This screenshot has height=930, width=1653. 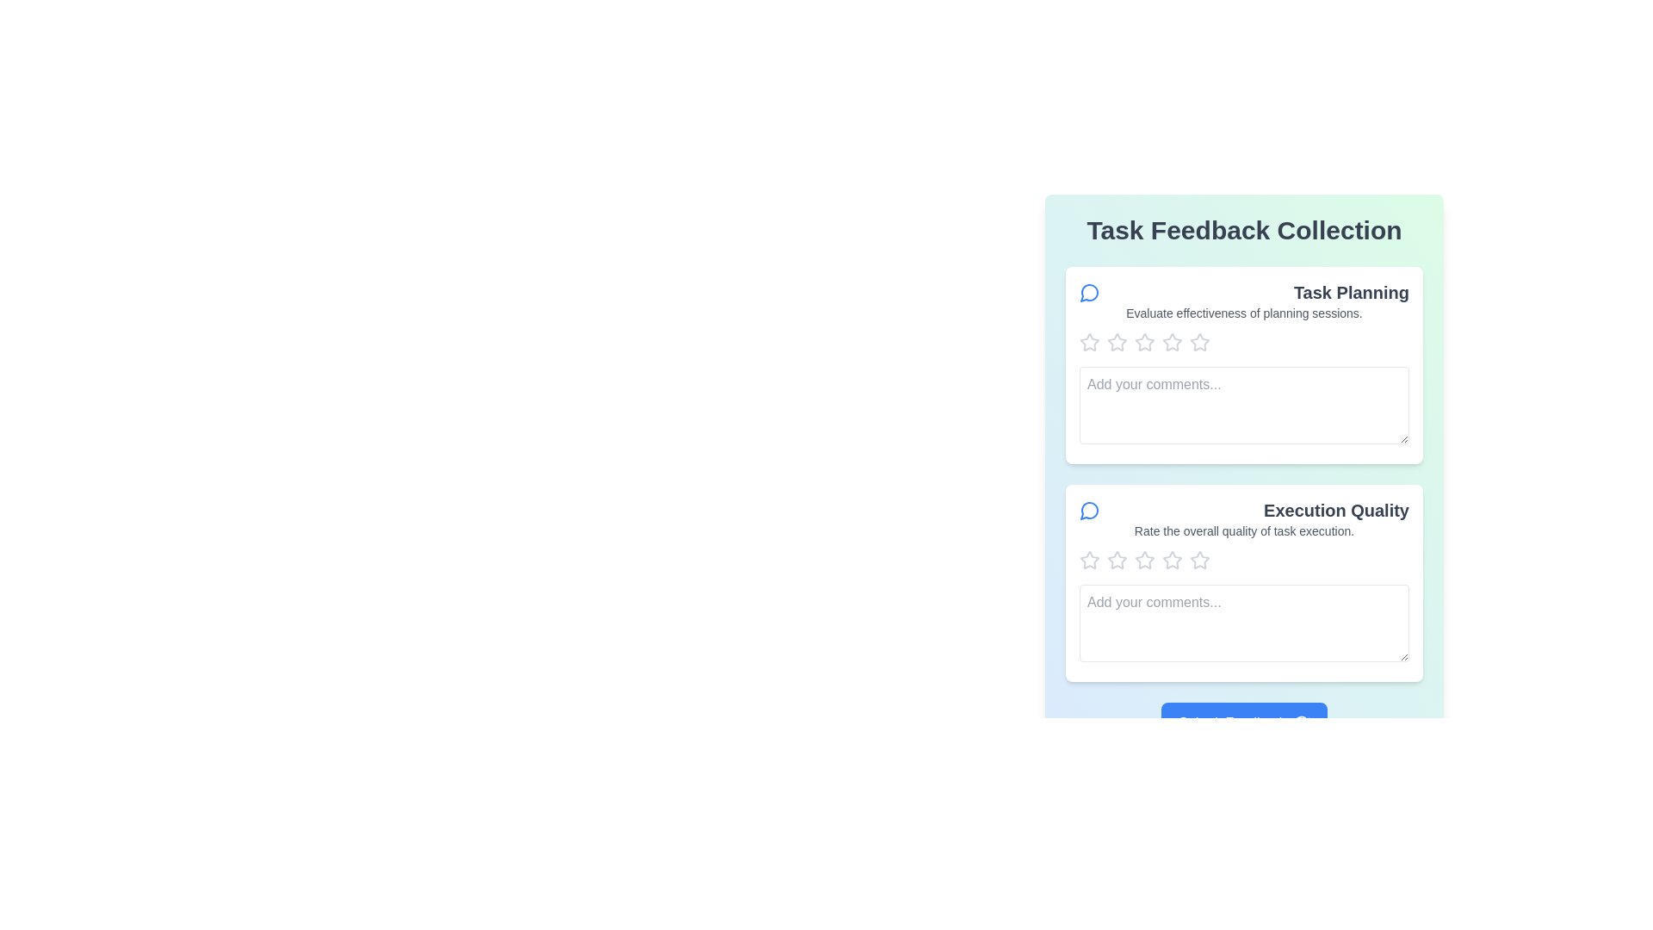 What do you see at coordinates (1244, 530) in the screenshot?
I see `text label that says 'Rate the overall quality of task execution.' positioned beneath the 'Execution Quality' header` at bounding box center [1244, 530].